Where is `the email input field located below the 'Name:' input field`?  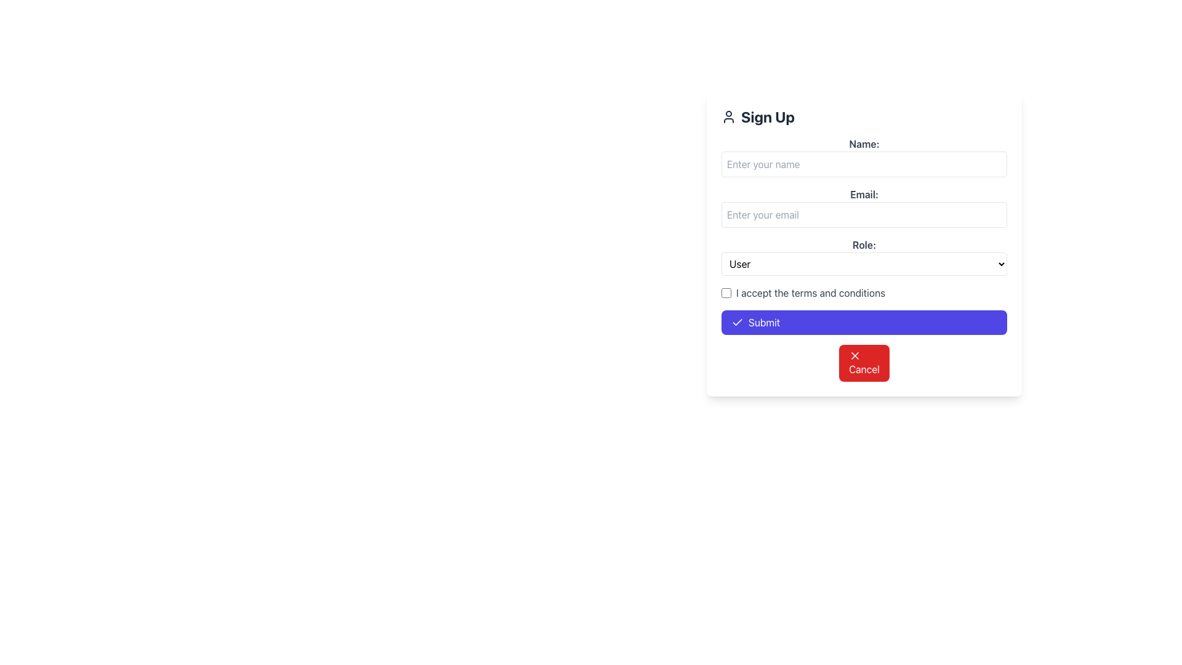 the email input field located below the 'Name:' input field is located at coordinates (863, 206).